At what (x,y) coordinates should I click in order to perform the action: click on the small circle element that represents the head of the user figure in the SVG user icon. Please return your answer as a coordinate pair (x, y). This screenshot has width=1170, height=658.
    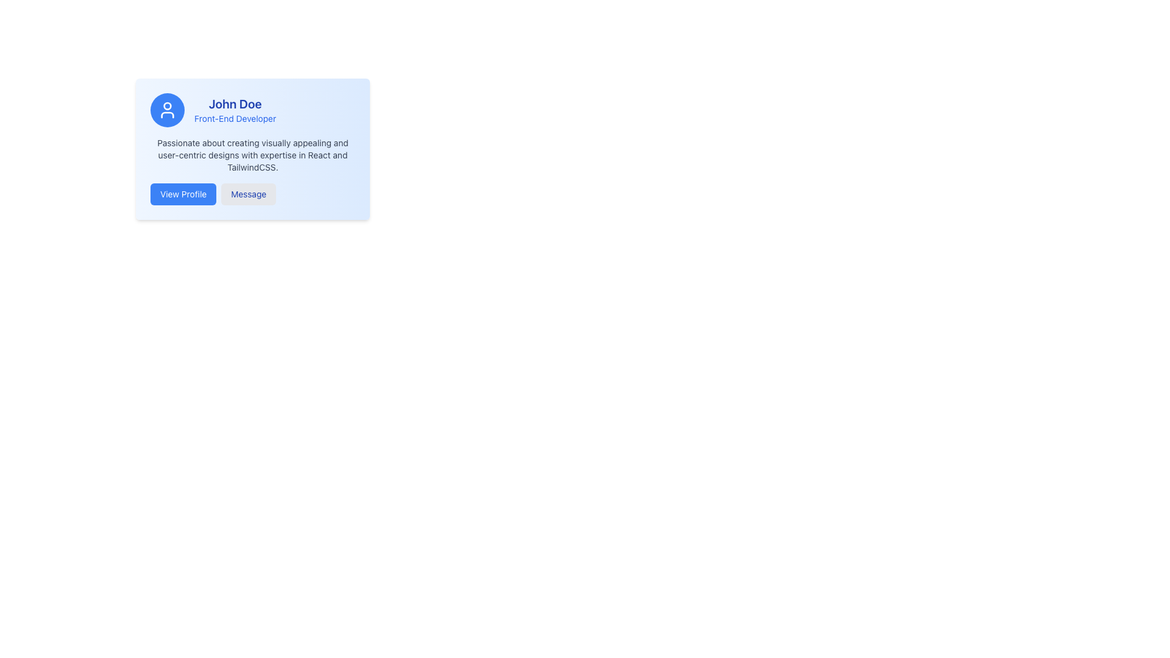
    Looking at the image, I should click on (166, 105).